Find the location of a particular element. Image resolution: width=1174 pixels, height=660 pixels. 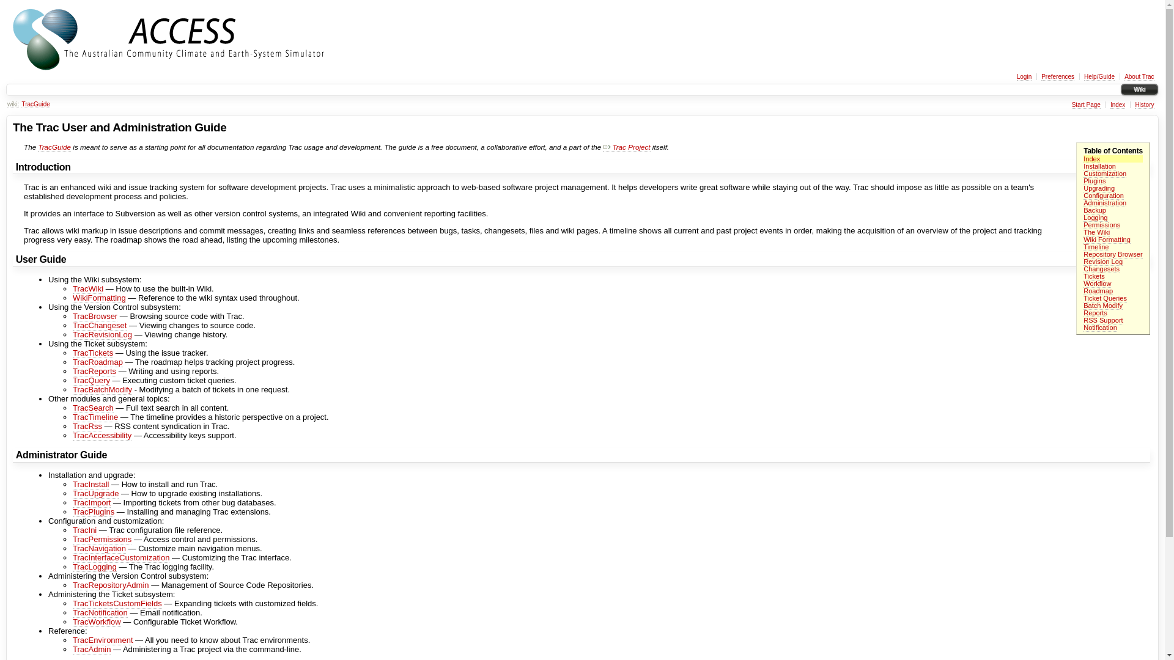

'RSS Support' is located at coordinates (1083, 320).